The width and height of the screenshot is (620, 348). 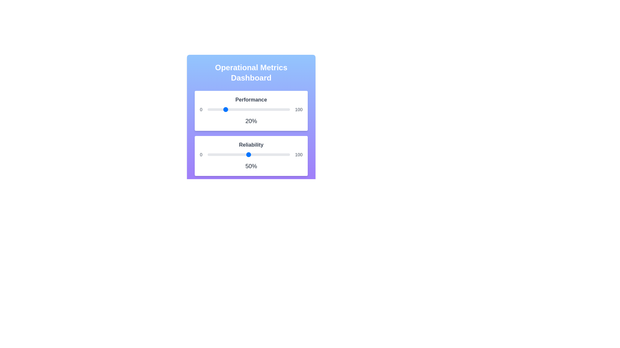 What do you see at coordinates (227, 154) in the screenshot?
I see `the Reliability slider` at bounding box center [227, 154].